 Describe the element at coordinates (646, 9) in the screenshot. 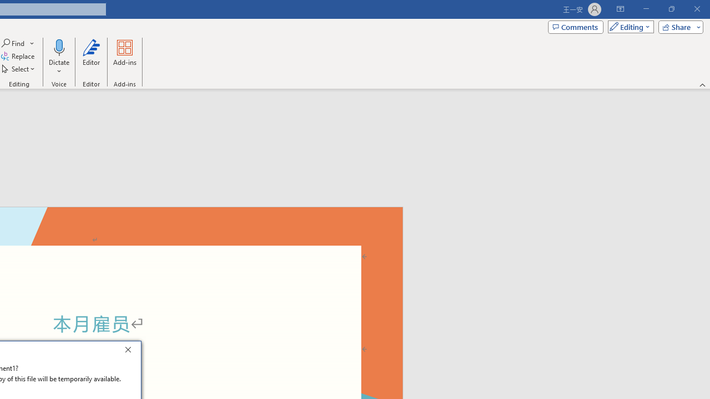

I see `'Minimize'` at that location.